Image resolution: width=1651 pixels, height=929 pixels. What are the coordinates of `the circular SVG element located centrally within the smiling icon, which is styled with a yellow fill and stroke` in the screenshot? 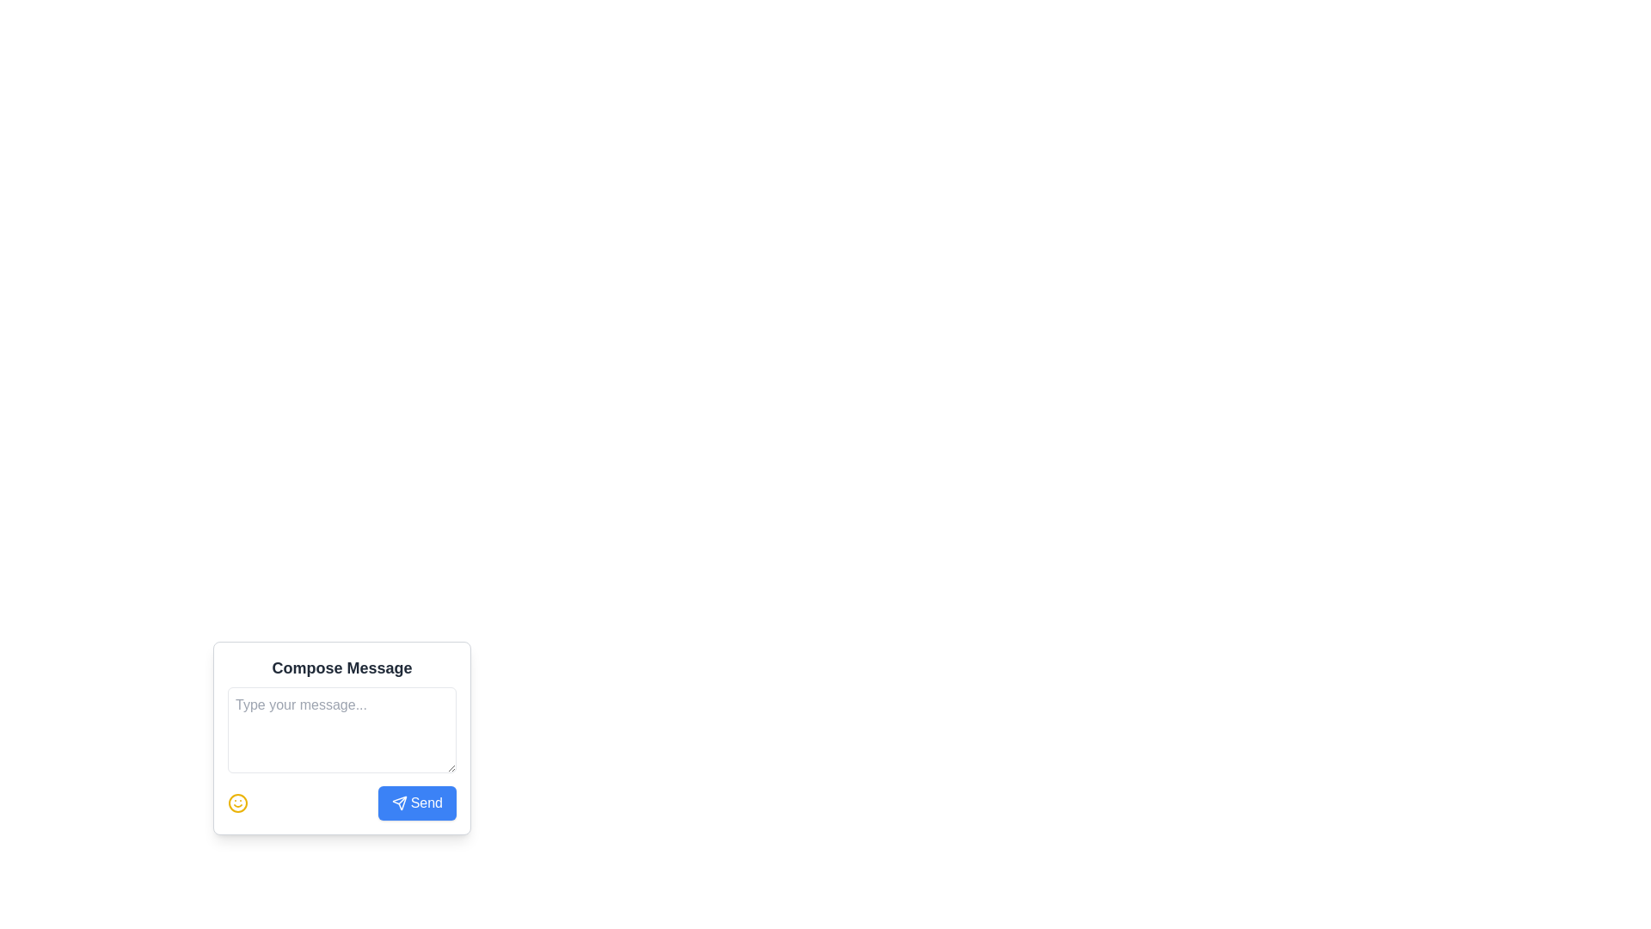 It's located at (237, 803).